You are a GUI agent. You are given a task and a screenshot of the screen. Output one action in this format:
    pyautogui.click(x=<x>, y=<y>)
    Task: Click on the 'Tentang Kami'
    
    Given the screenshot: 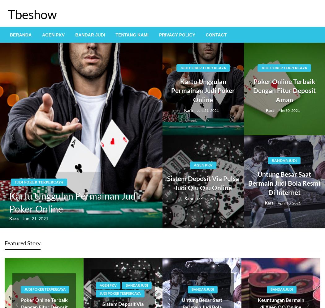 What is the action you would take?
    pyautogui.click(x=131, y=35)
    